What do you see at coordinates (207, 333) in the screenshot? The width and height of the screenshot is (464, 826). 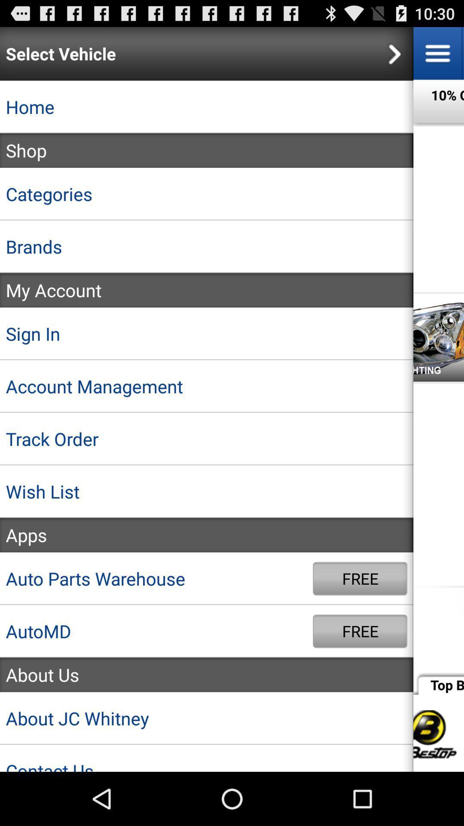 I see `the sign in app` at bounding box center [207, 333].